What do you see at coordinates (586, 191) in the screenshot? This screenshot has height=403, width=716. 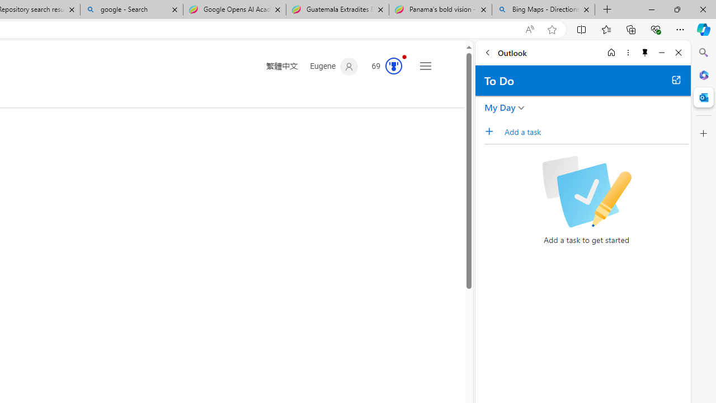 I see `'Checkbox with a pencil'` at bounding box center [586, 191].